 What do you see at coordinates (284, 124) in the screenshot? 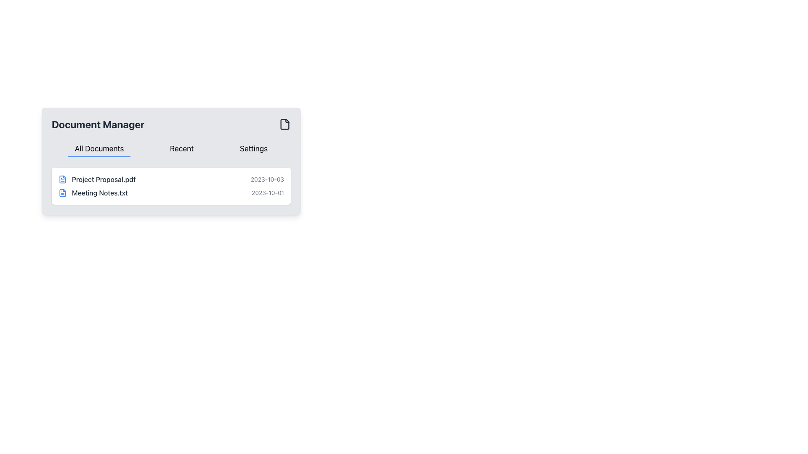
I see `the document or file icon located at the top-right corner of the 'Document Manager' section, adjacent to the title 'Document Manager'` at bounding box center [284, 124].